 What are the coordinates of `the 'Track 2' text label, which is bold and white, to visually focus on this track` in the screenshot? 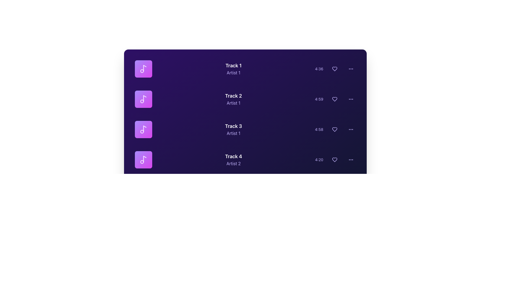 It's located at (233, 95).